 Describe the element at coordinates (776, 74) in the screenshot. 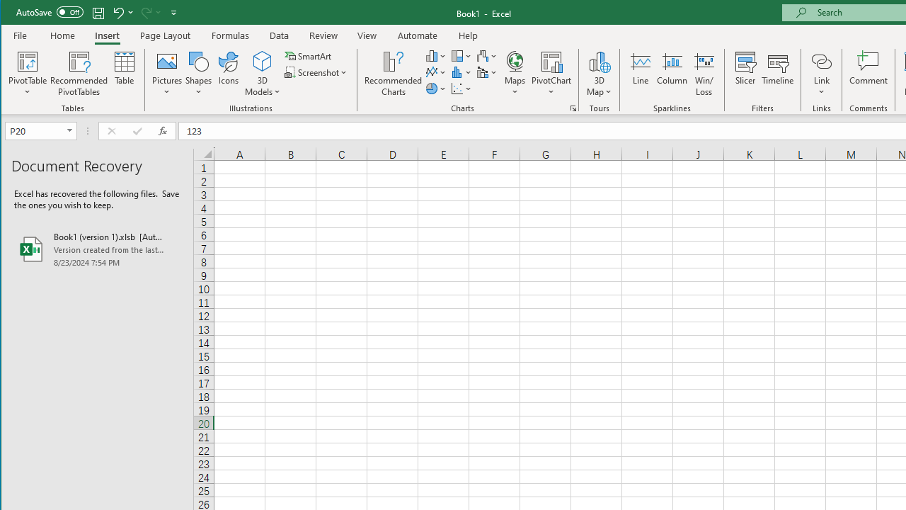

I see `'Timeline'` at that location.